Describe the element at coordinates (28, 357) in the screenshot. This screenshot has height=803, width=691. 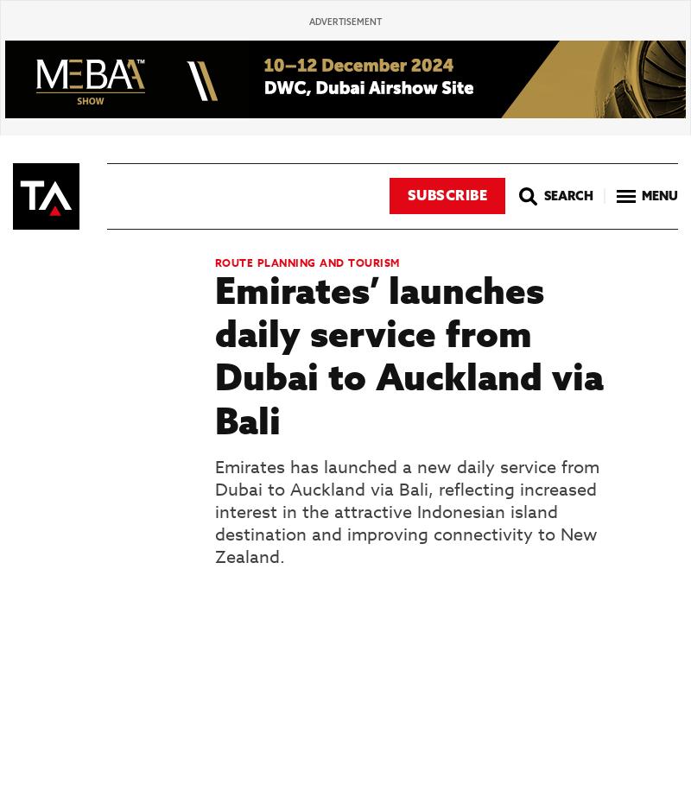
I see `'3'` at that location.